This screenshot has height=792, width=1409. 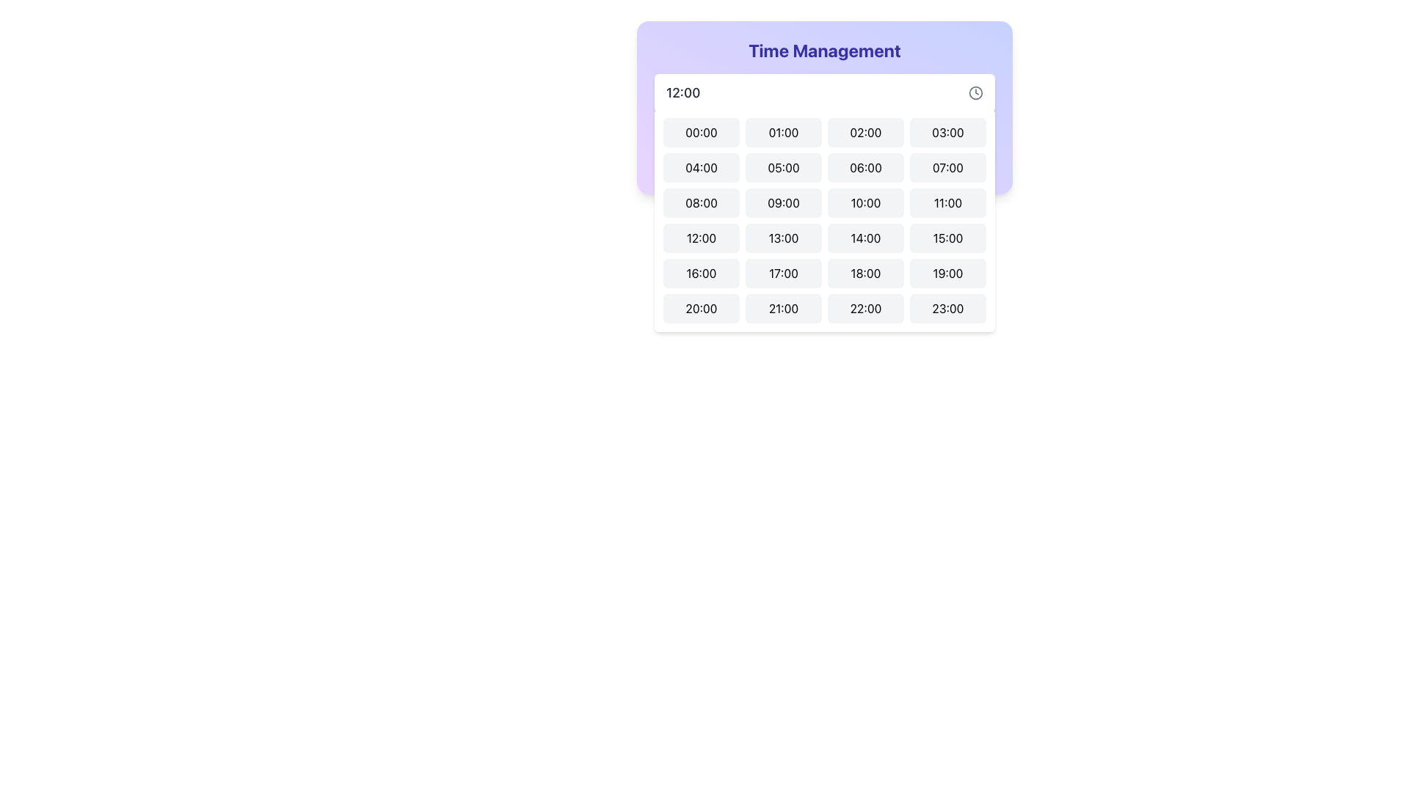 What do you see at coordinates (783, 274) in the screenshot?
I see `the selectable time slot button for 5:00 PM in the time selection interface within the 'Time Management' popup` at bounding box center [783, 274].